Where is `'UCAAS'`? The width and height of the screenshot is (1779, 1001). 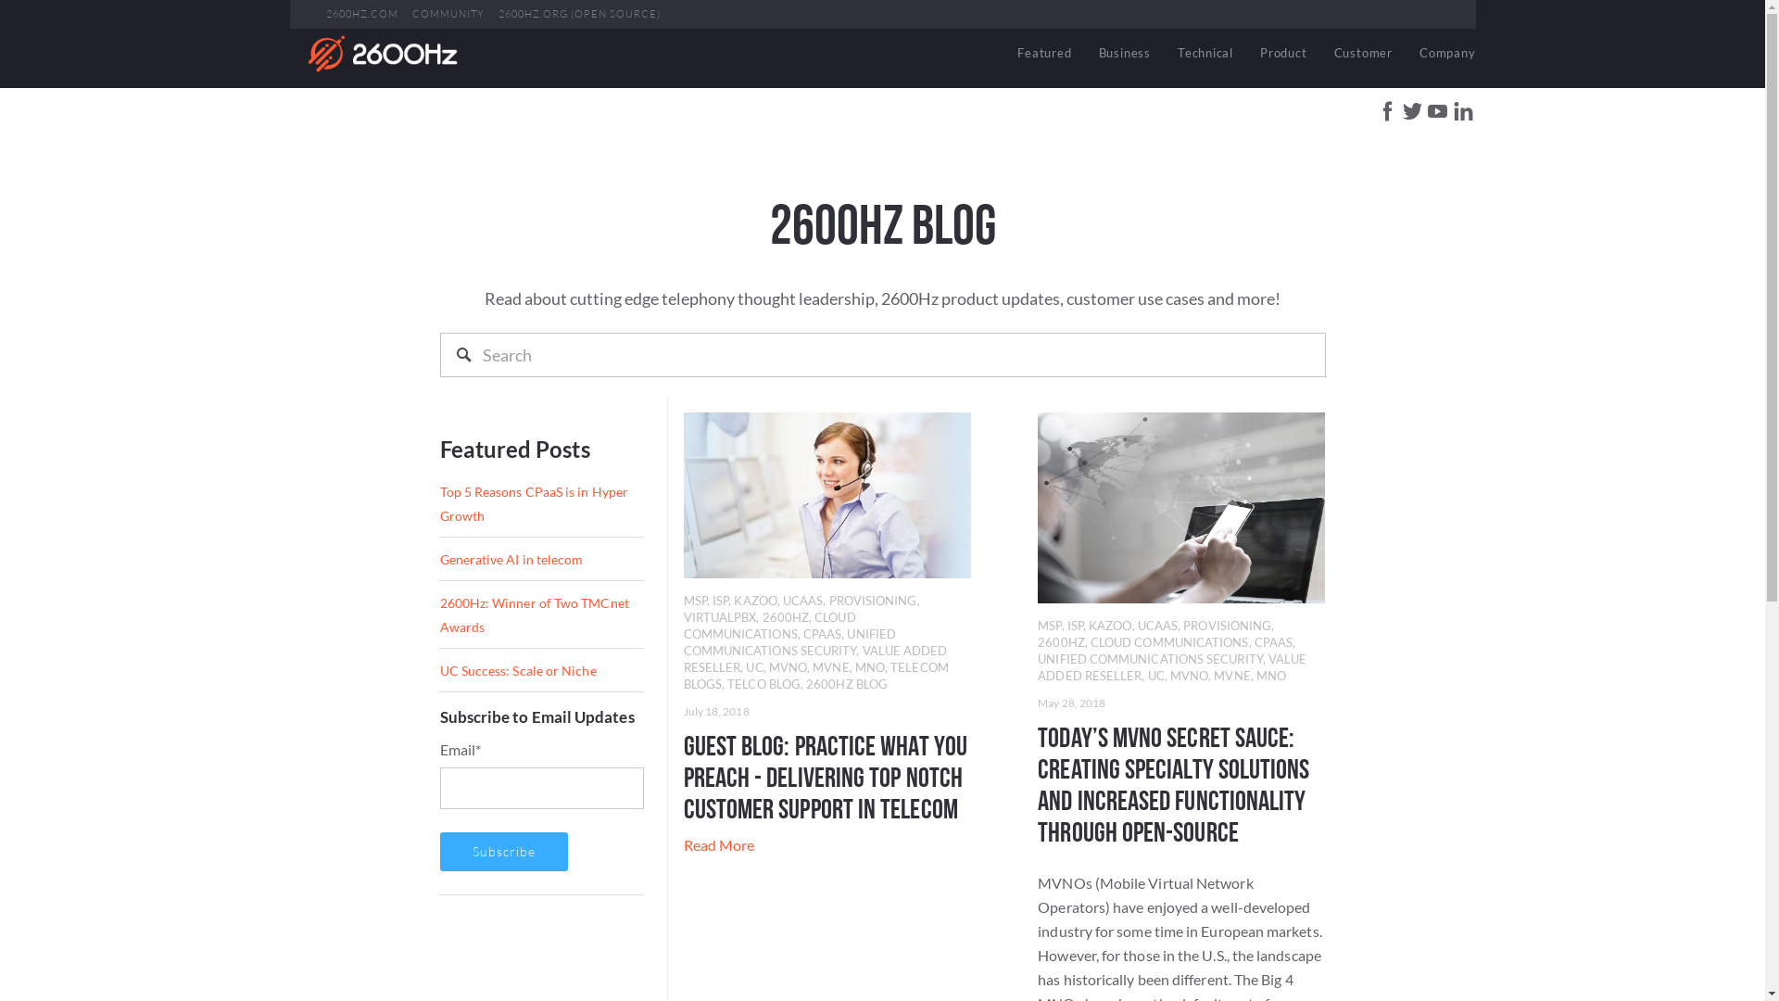 'UCAAS' is located at coordinates (1137, 626).